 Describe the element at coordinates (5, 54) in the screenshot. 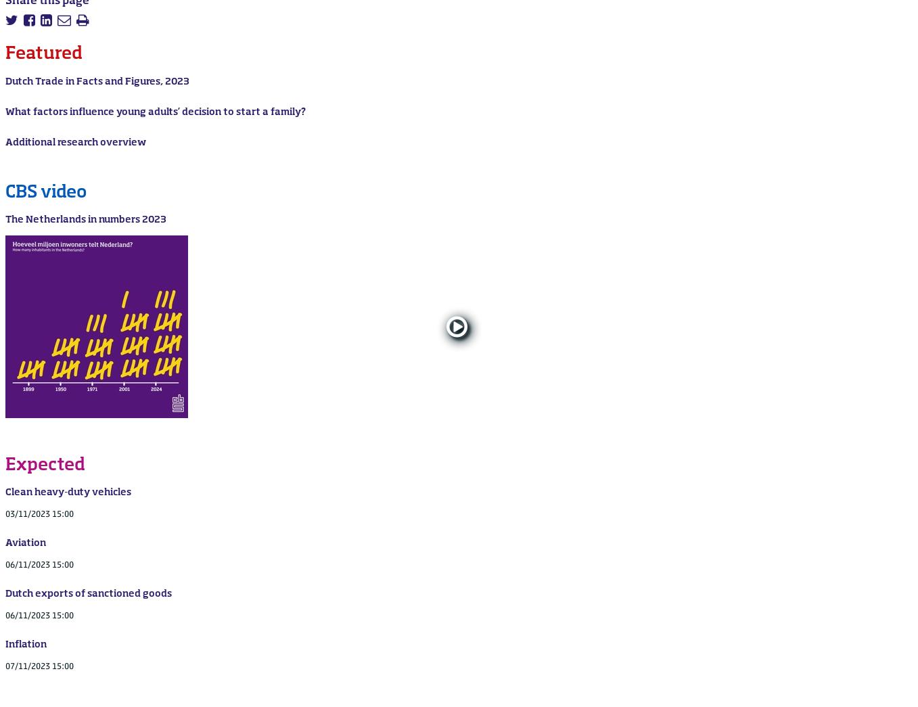

I see `'Featured'` at that location.